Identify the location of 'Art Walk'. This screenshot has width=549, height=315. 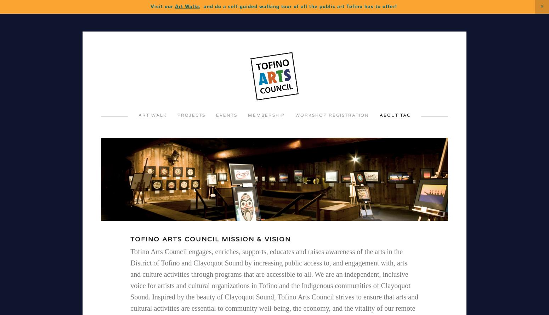
(153, 115).